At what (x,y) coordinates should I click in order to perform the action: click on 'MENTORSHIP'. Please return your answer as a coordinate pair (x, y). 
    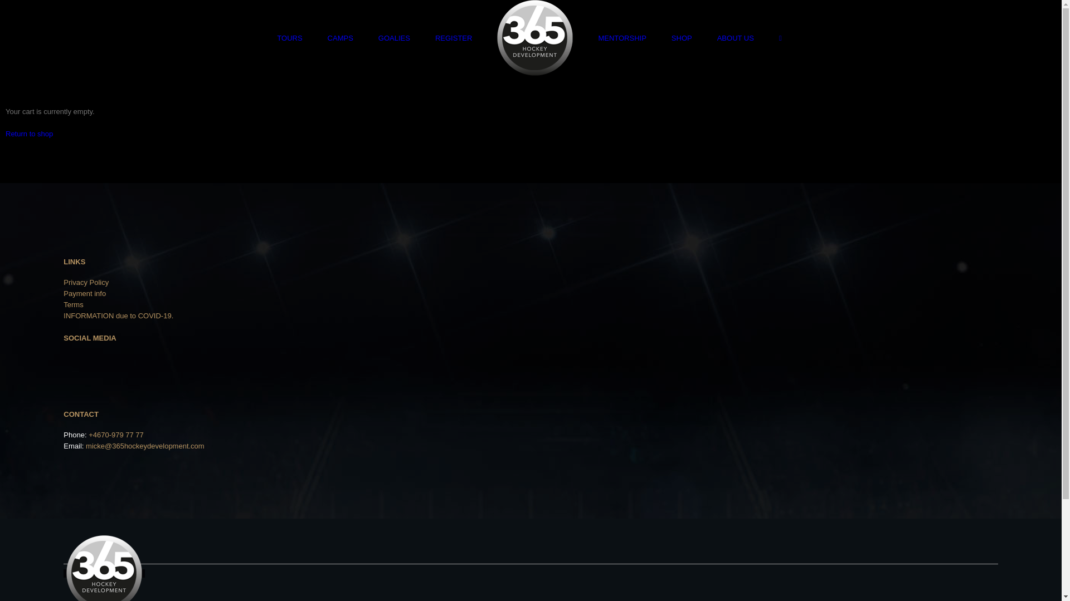
    Looking at the image, I should click on (597, 37).